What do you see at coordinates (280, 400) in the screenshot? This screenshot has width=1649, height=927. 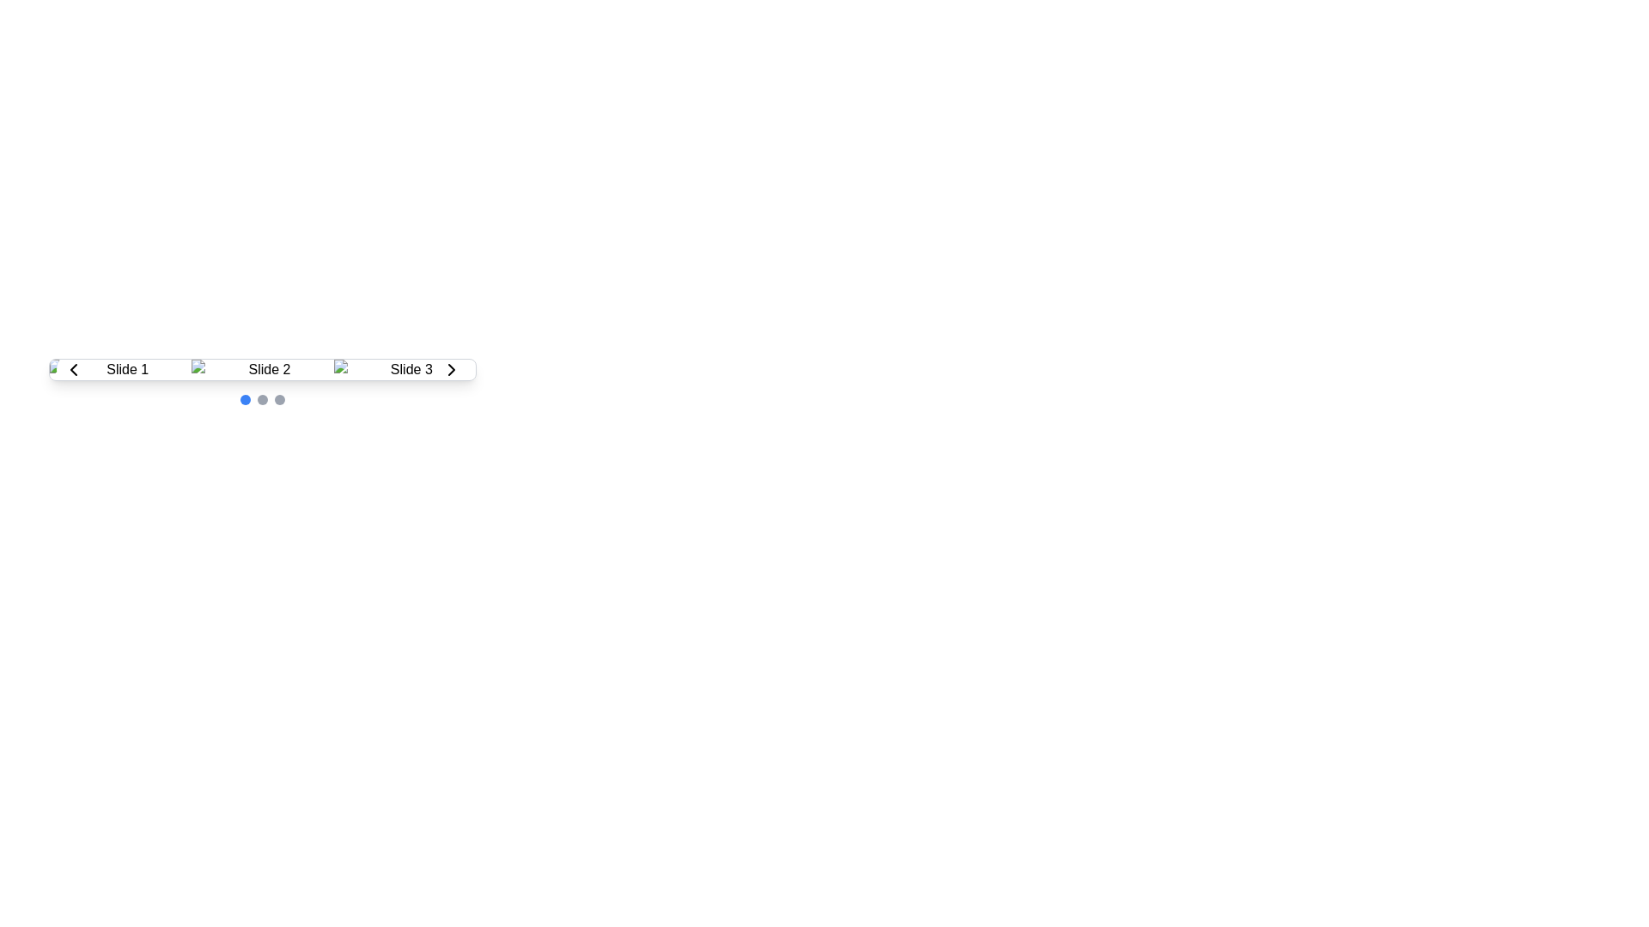 I see `the third pagination dot located below the main content area` at bounding box center [280, 400].